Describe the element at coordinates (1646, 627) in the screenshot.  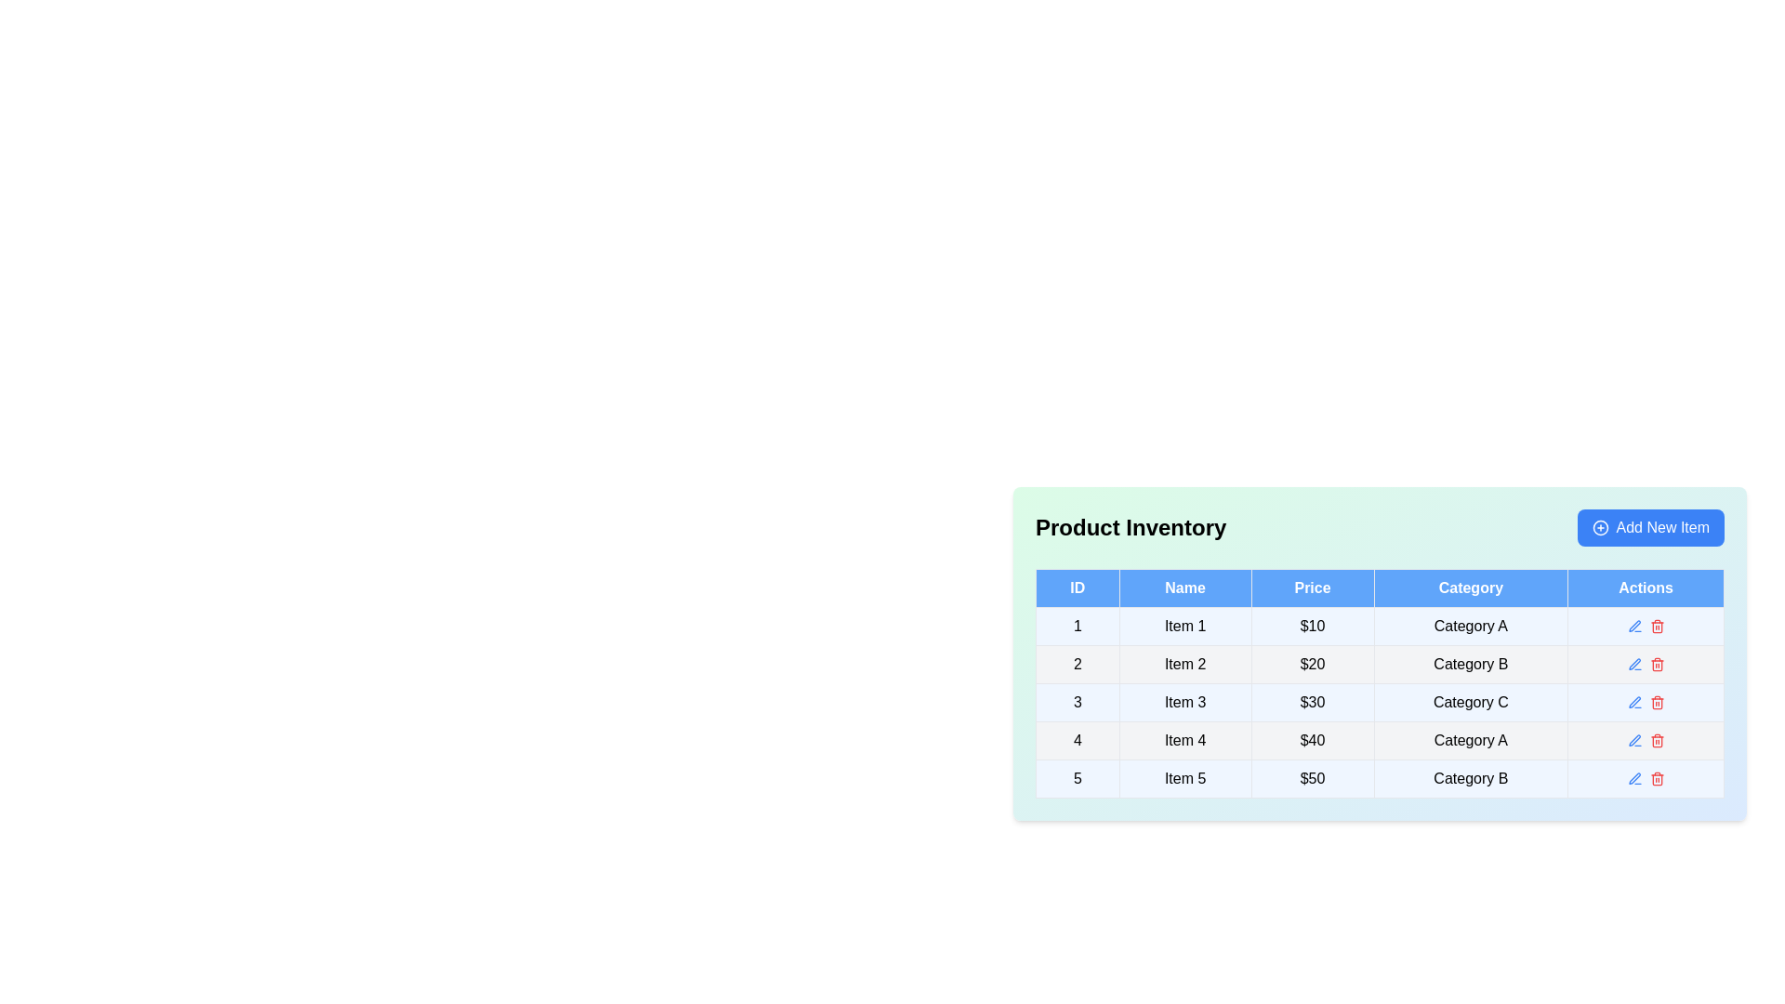
I see `the red trash can icon in the 'Actions' column of the first data row` at that location.